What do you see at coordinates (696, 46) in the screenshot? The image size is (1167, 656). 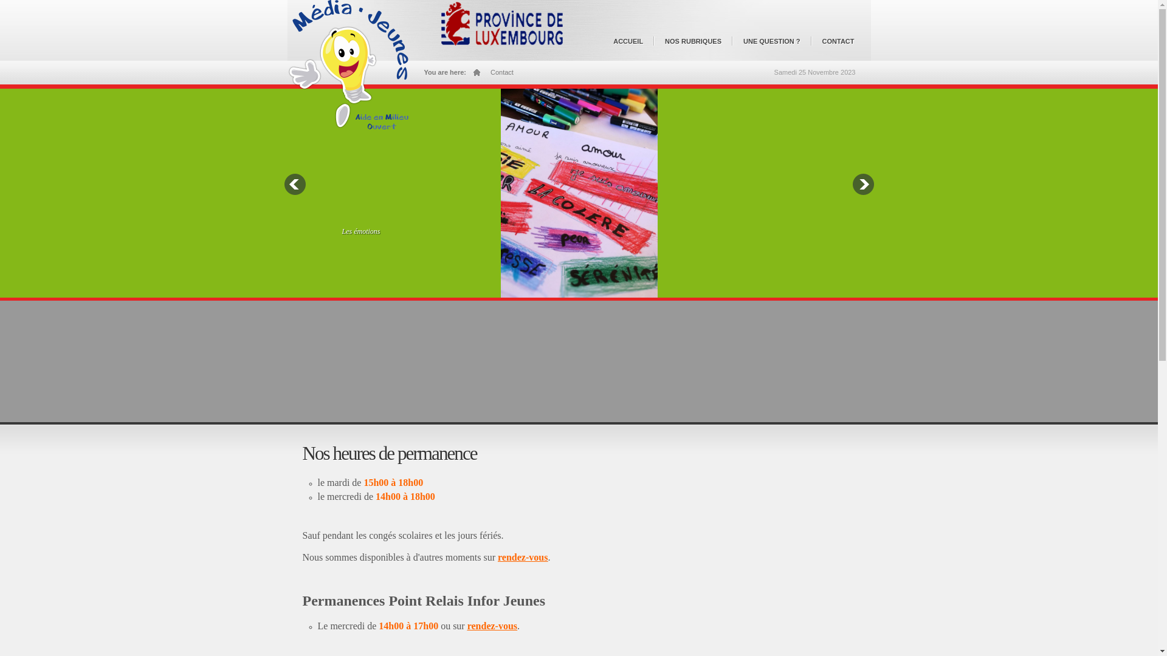 I see `'NOS RUBRIQUES'` at bounding box center [696, 46].